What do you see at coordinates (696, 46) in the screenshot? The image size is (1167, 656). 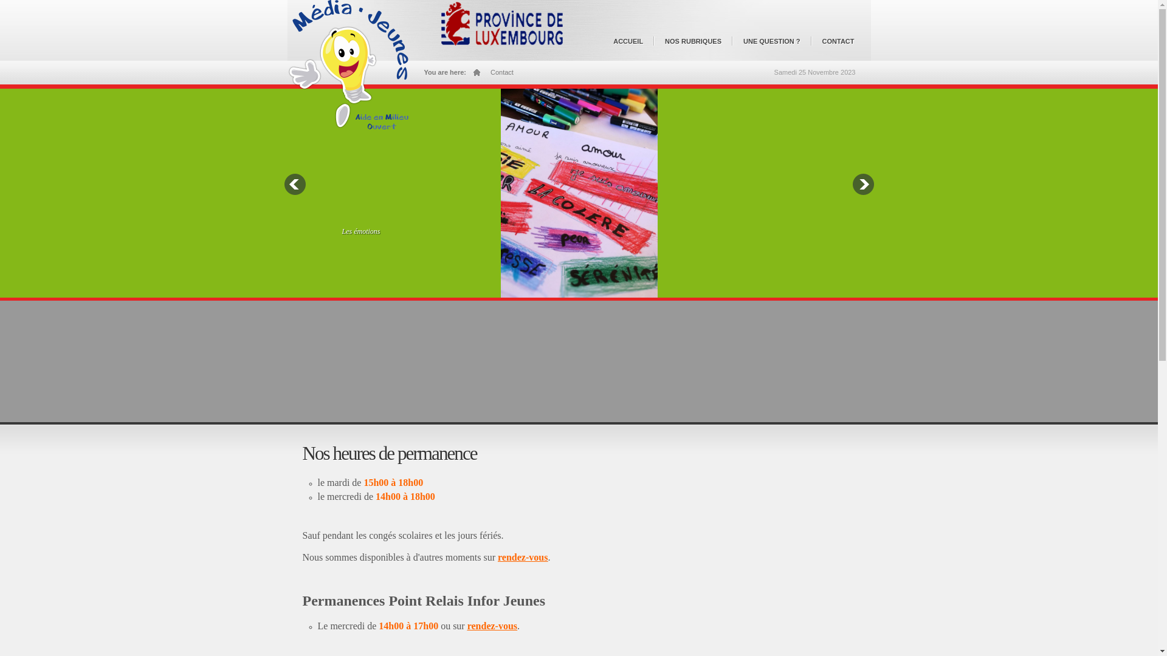 I see `'NOS RUBRIQUES'` at bounding box center [696, 46].